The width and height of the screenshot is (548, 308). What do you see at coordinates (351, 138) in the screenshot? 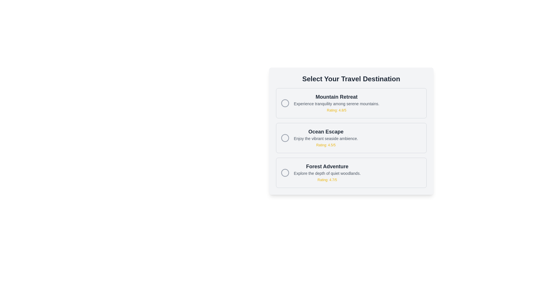
I see `descriptions or ratings of each card in the vertical list of selectable cards representing travel destinations, located below the 'Select Your Travel Destination' header` at bounding box center [351, 138].